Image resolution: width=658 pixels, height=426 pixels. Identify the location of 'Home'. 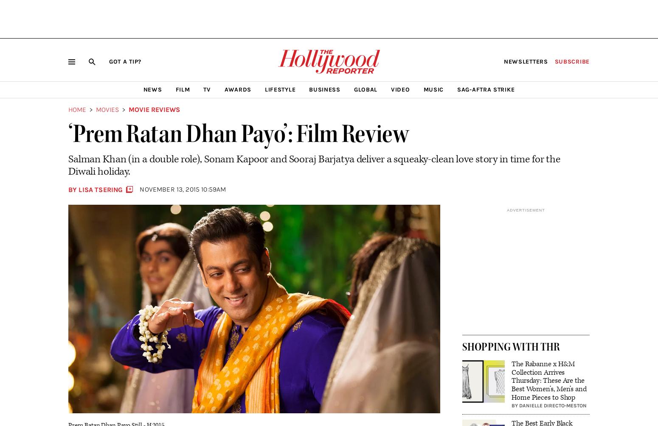
(76, 109).